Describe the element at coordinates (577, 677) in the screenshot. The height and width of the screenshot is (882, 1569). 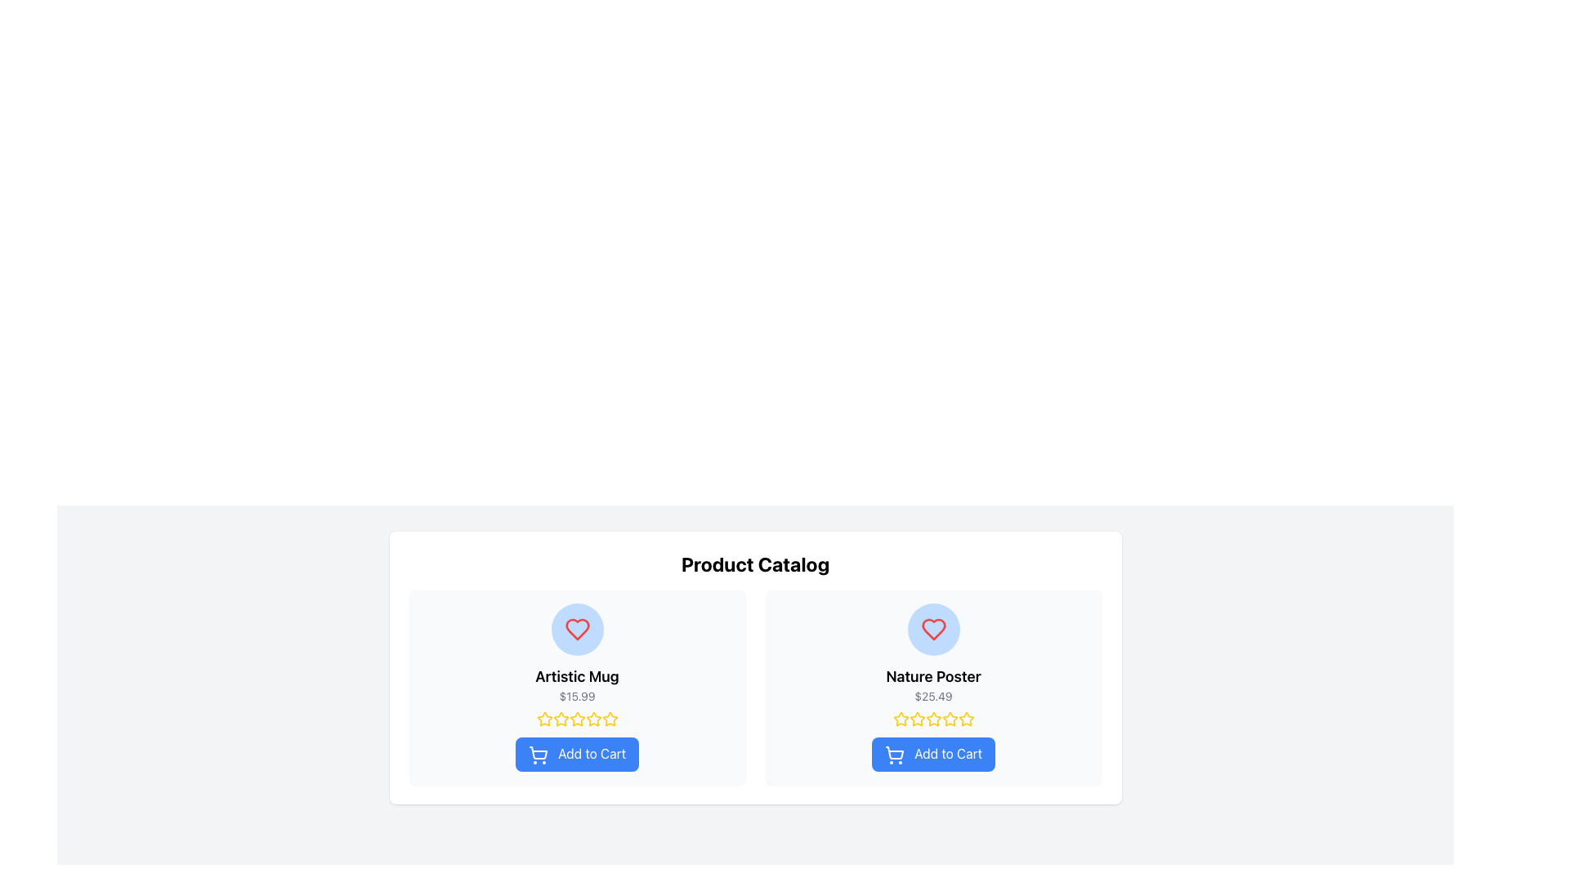
I see `the text label displaying 'Artistic Mug', which is centrally located underneath a heart icon within a blue circle in the left card of the product catalog` at that location.